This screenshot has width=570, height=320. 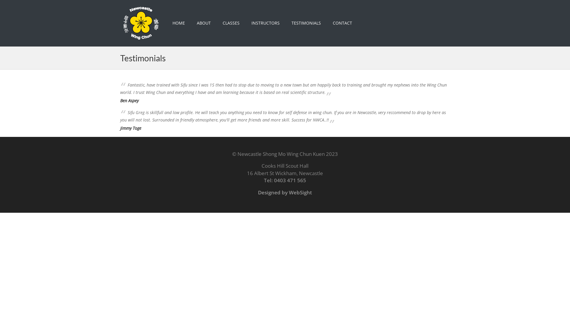 I want to click on 'Designed by WebSight', so click(x=285, y=192).